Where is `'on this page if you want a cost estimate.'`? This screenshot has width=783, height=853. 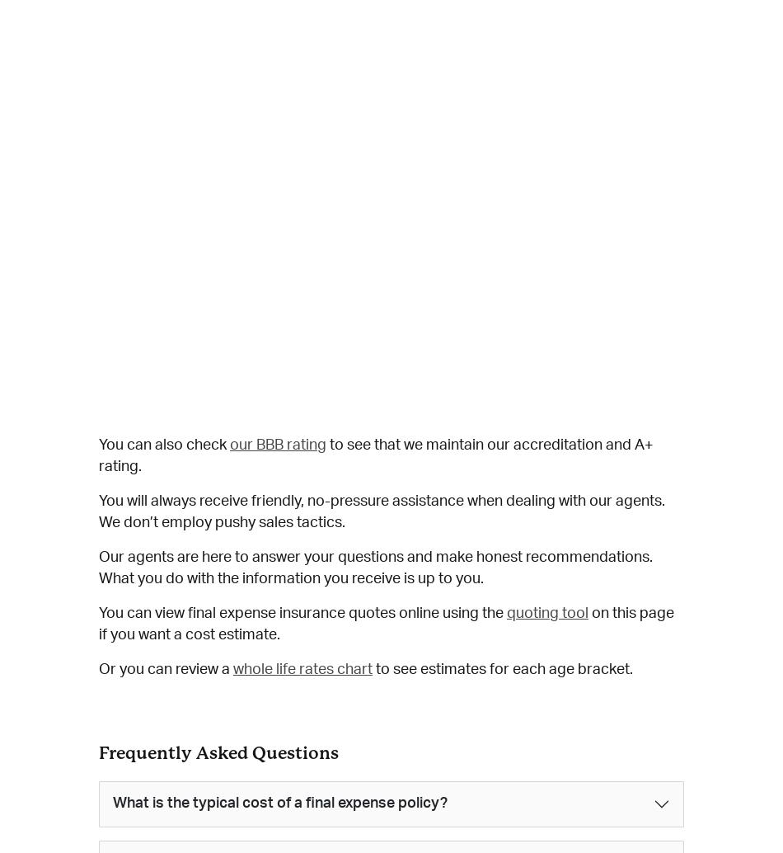
'on this page if you want a cost estimate.' is located at coordinates (98, 624).